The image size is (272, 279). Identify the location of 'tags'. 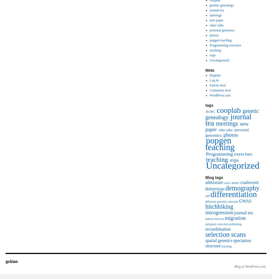
(209, 105).